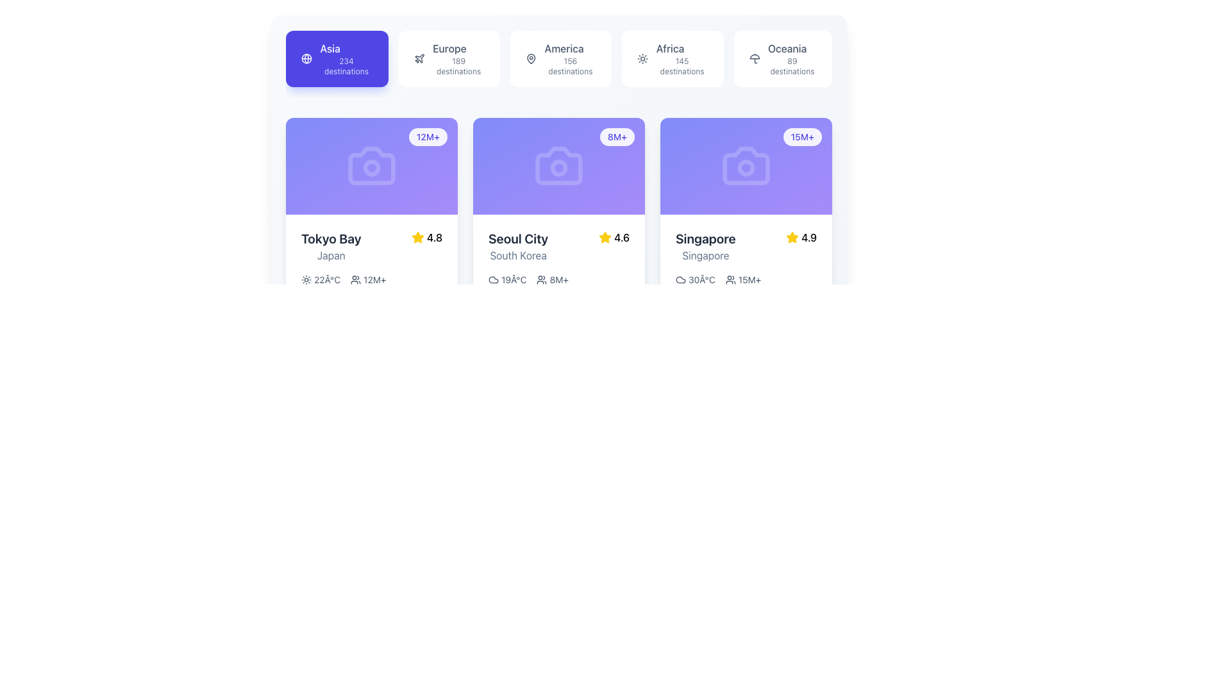 The height and width of the screenshot is (692, 1231). Describe the element at coordinates (749, 279) in the screenshot. I see `the text label indicating the number of users or visitors at the bottom right corner of the 'Singapore' card` at that location.